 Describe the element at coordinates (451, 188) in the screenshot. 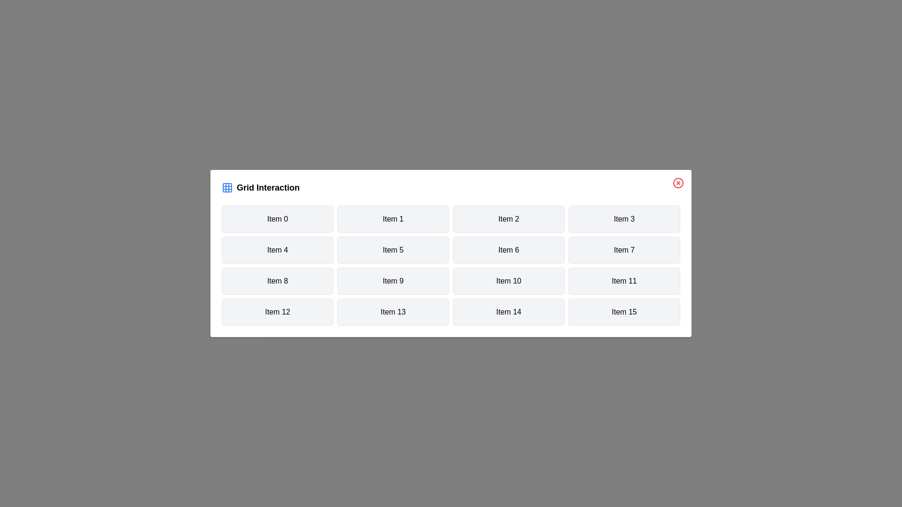

I see `the title text 'Grid Interaction' to focus on it` at that location.